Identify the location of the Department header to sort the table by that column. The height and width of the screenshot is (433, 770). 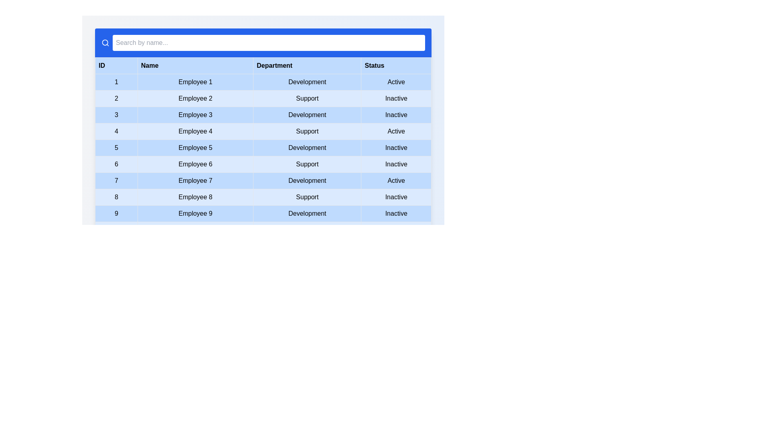
(307, 65).